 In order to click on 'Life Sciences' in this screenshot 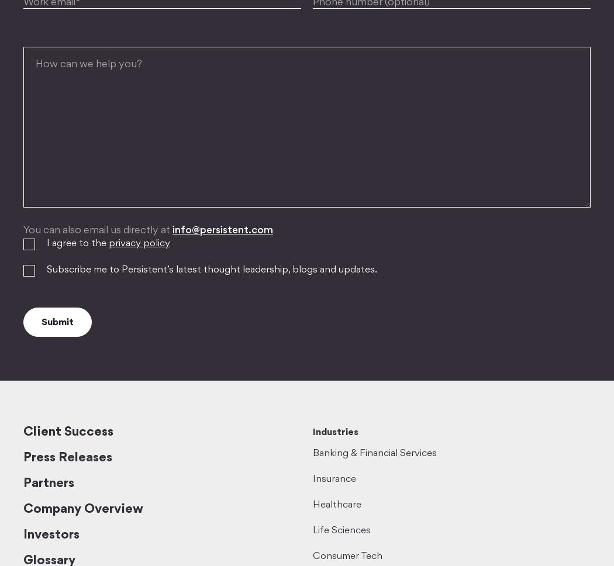, I will do `click(341, 530)`.